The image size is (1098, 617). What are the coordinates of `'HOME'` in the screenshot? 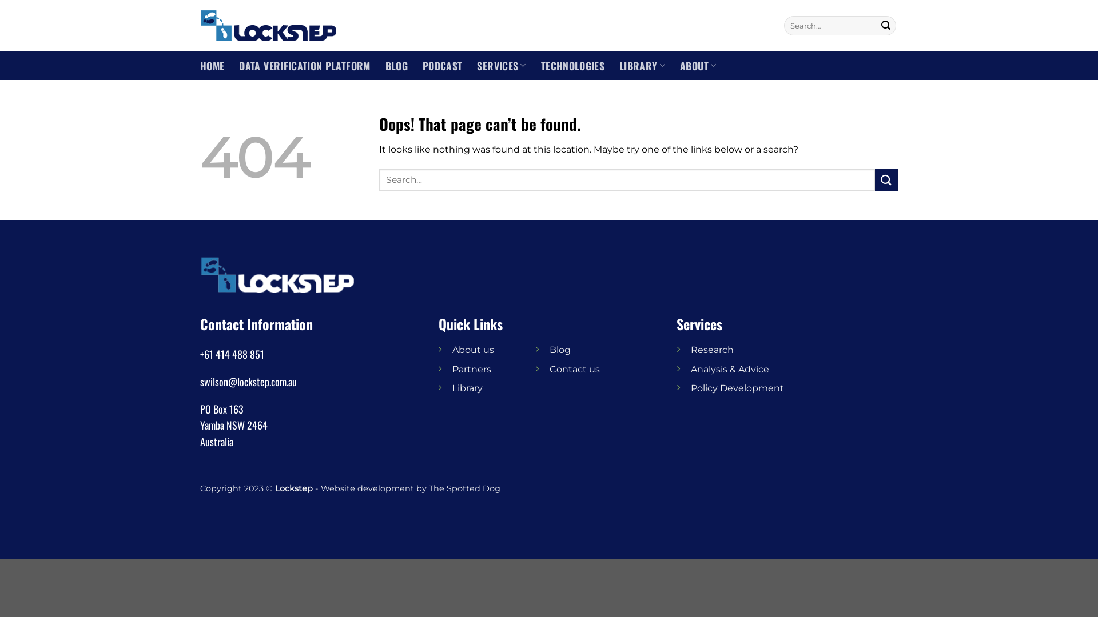 It's located at (212, 66).